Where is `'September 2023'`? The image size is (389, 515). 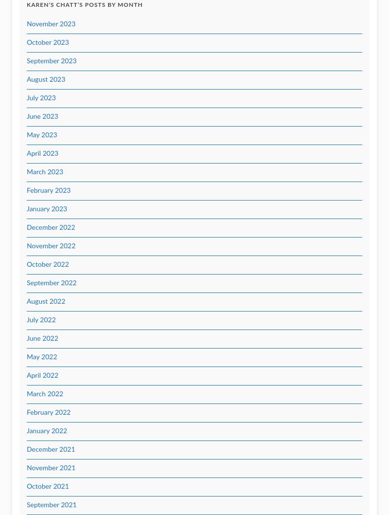 'September 2023' is located at coordinates (51, 61).